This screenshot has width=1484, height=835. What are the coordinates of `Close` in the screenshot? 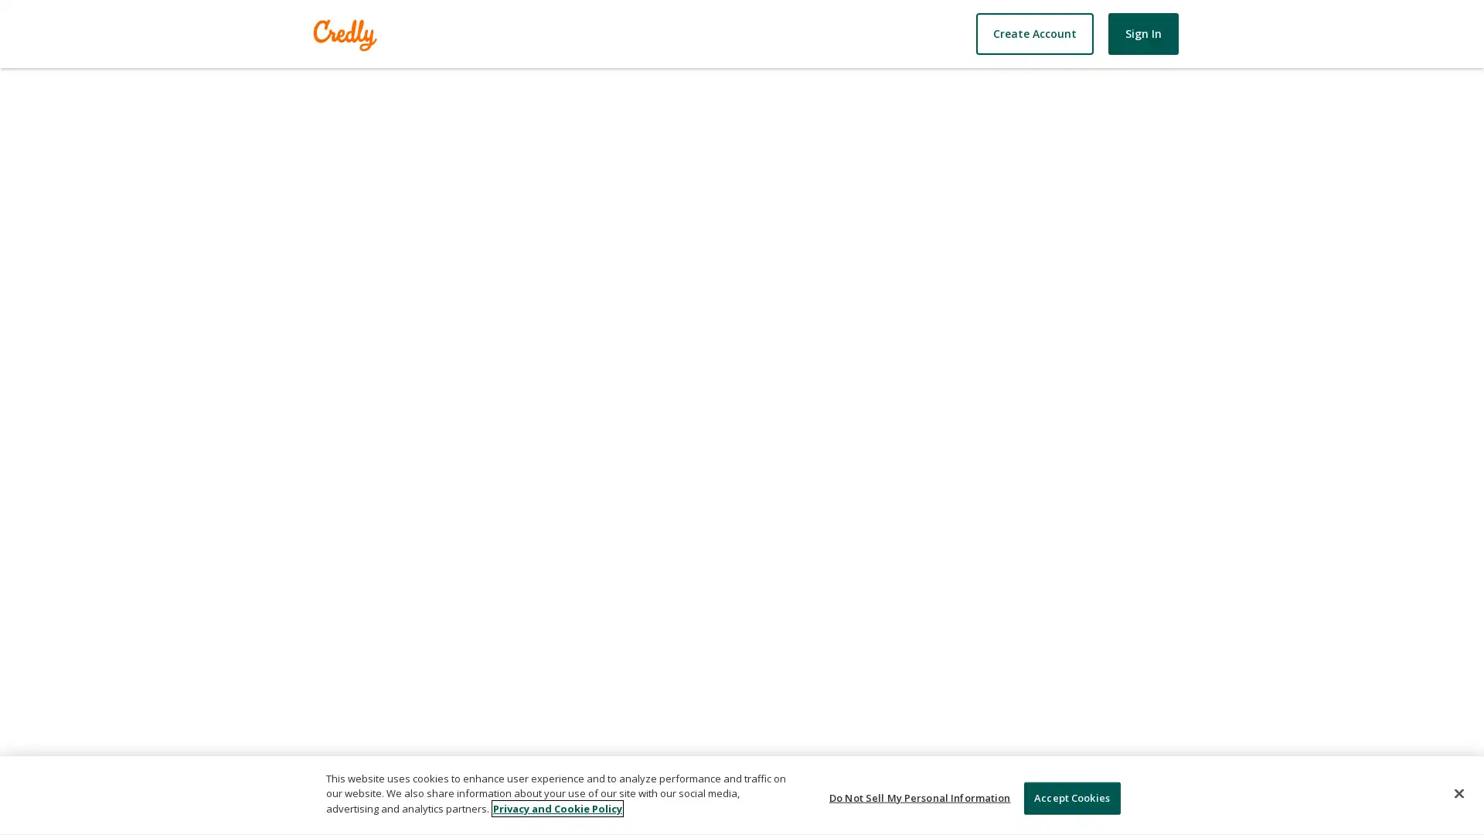 It's located at (1458, 793).